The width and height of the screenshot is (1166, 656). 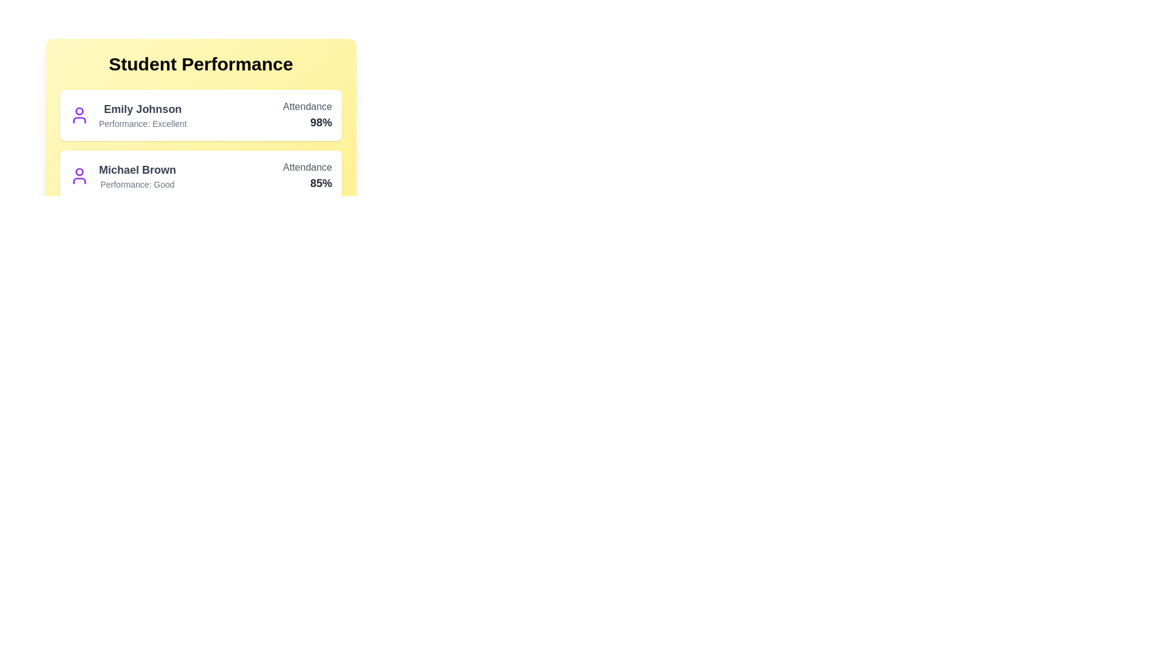 I want to click on the attendance percentage of Michael Brown to sort the list by attendance, so click(x=307, y=183).